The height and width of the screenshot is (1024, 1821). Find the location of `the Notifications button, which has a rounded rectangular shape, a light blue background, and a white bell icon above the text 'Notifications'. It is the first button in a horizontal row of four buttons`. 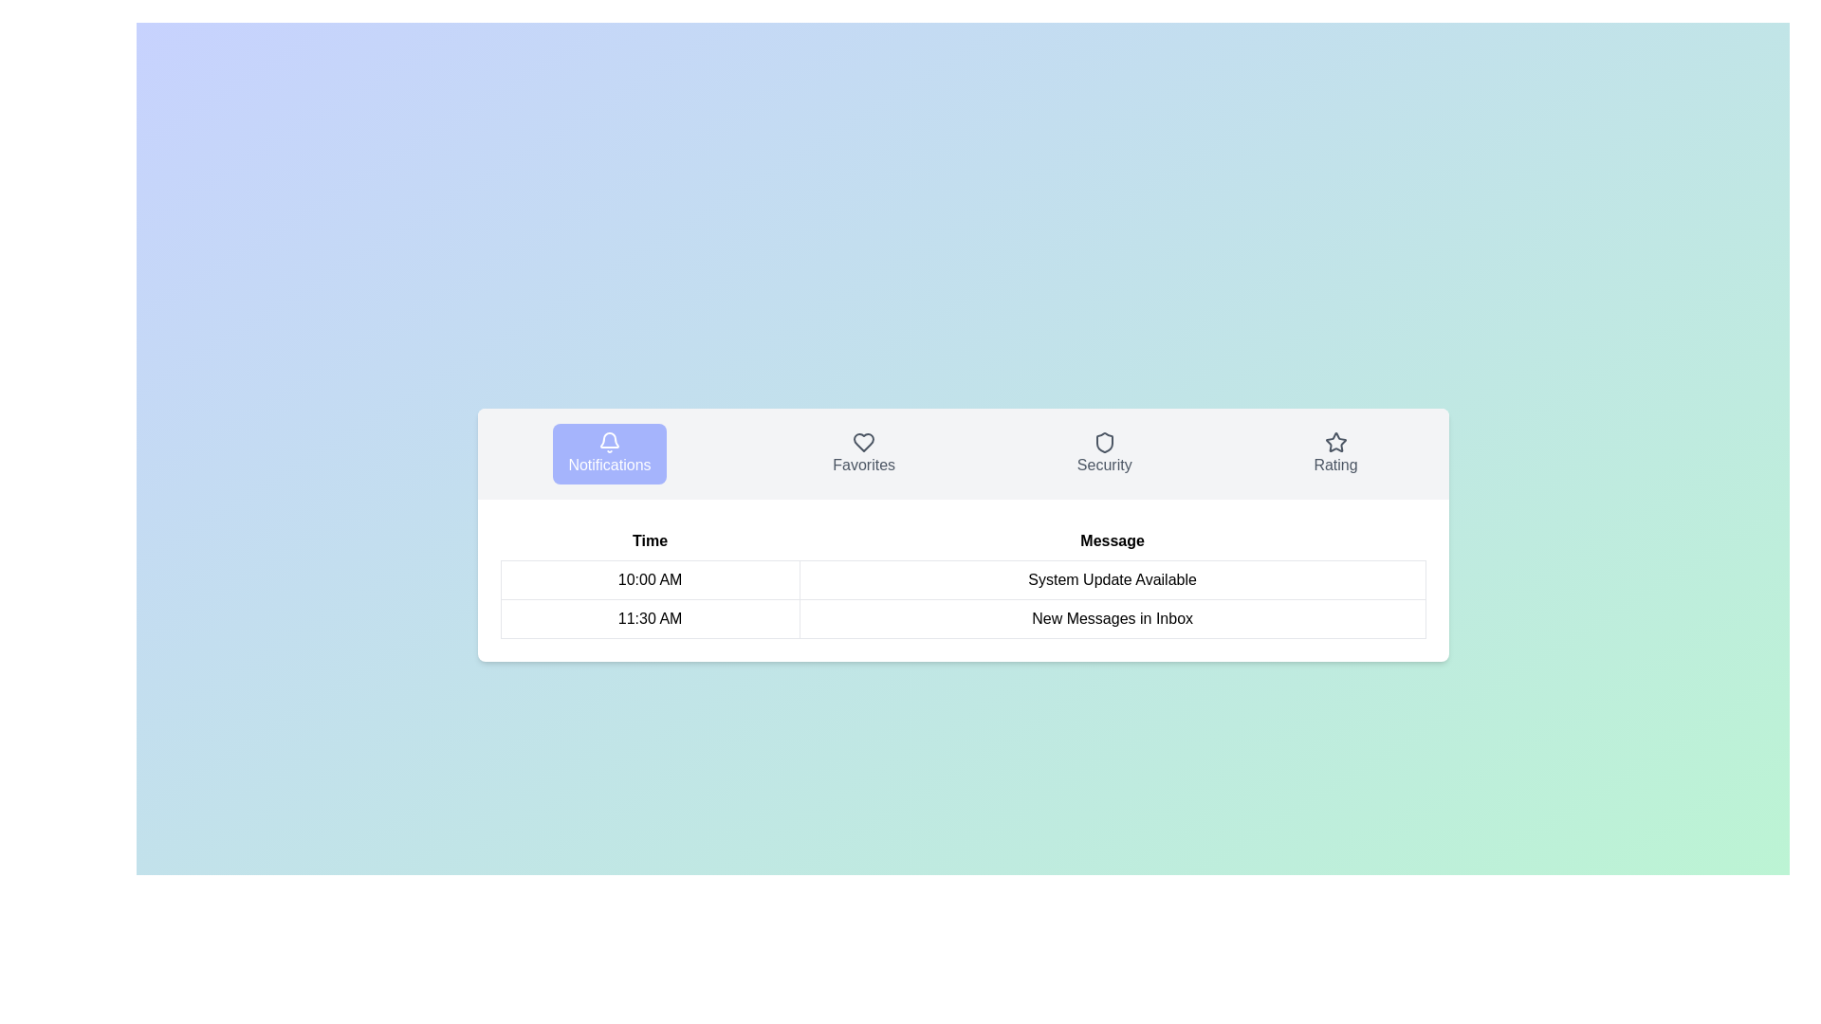

the Notifications button, which has a rounded rectangular shape, a light blue background, and a white bell icon above the text 'Notifications'. It is the first button in a horizontal row of four buttons is located at coordinates (610, 453).